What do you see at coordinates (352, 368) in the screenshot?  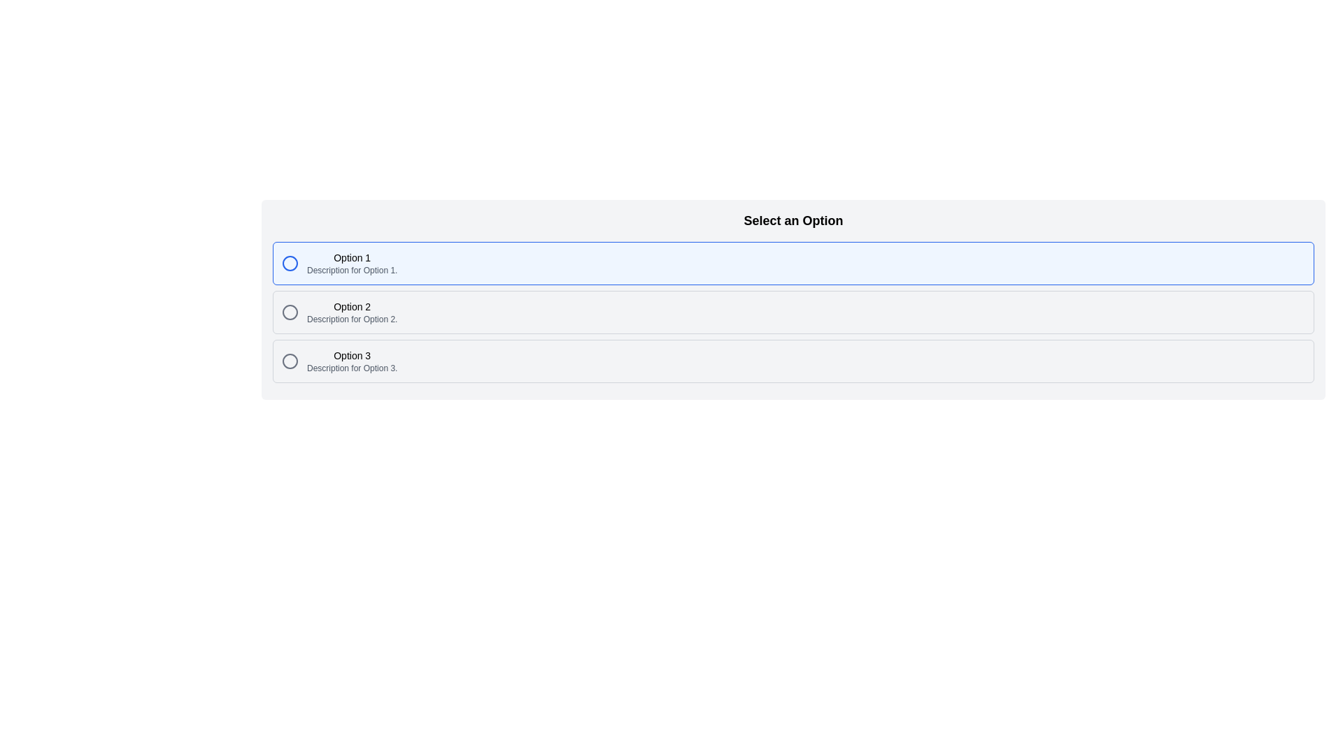 I see `the static text label reading 'Description for Option 3.' which is styled with gray color and small font size, located below the larger text label 'Option 3'` at bounding box center [352, 368].